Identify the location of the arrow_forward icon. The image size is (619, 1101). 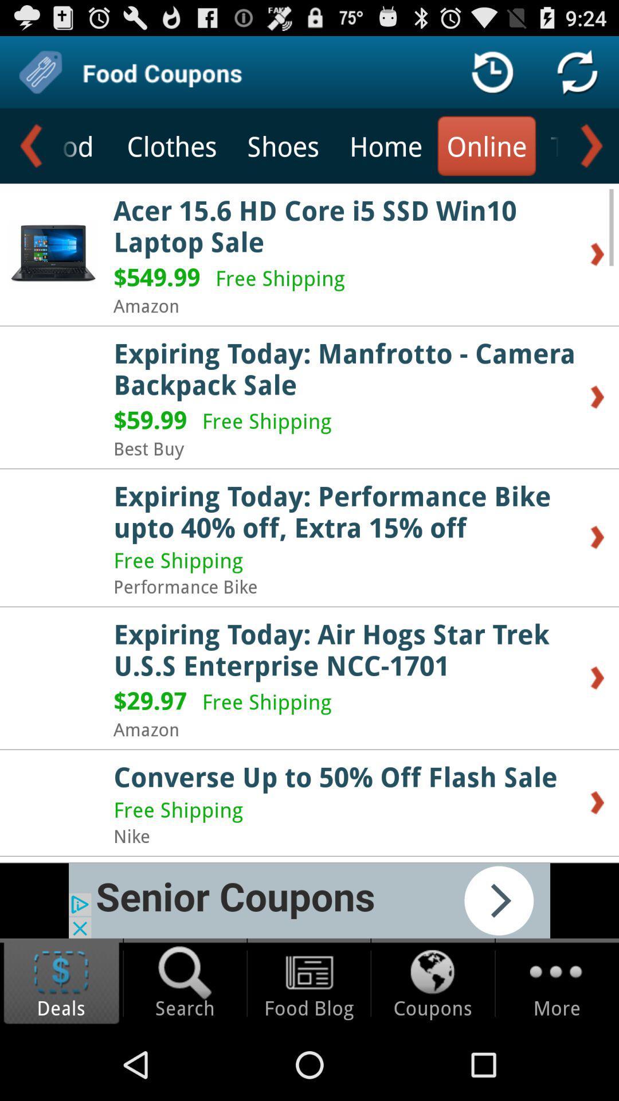
(589, 155).